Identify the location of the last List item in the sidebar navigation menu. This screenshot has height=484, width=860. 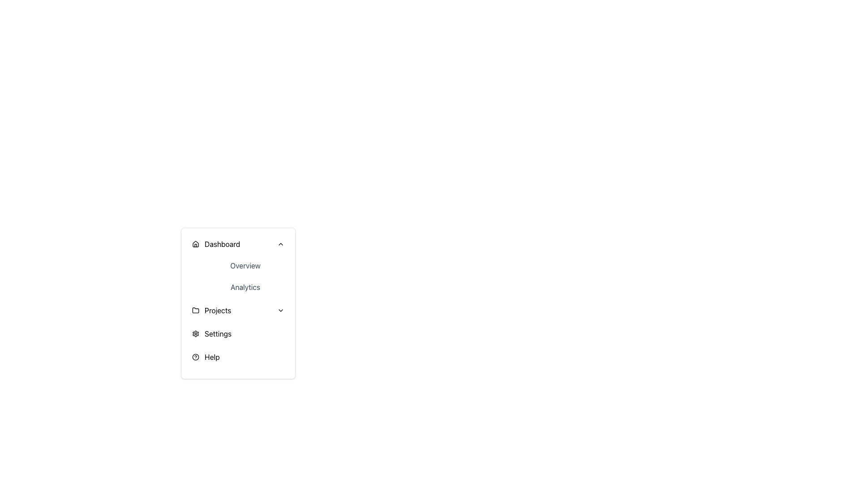
(238, 357).